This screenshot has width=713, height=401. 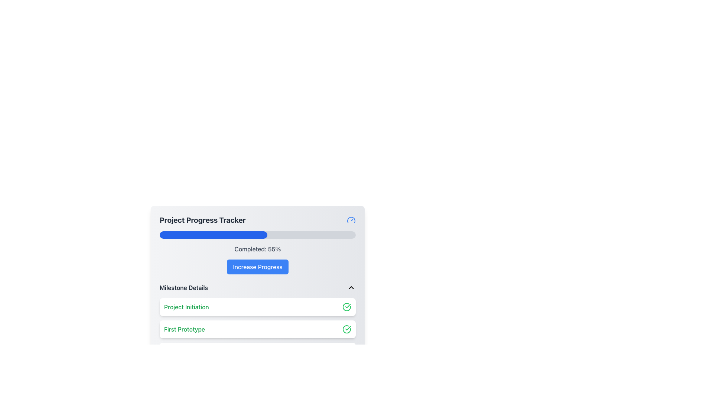 I want to click on the check mark icon within the circular green check icon located in the 'Milestone Details' section next to the 'Project Initiation' text, so click(x=348, y=327).